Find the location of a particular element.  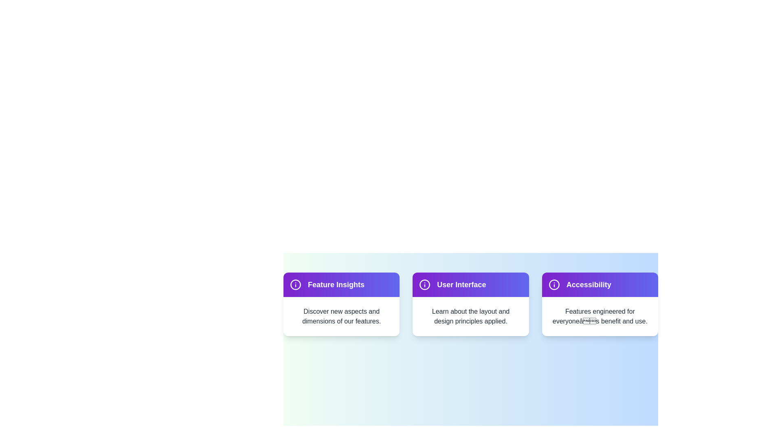

the circular icon with a purple color scheme and a central 'i' symbol, located to the left of the 'Feature Insights' text in the highlighted card is located at coordinates (295, 284).